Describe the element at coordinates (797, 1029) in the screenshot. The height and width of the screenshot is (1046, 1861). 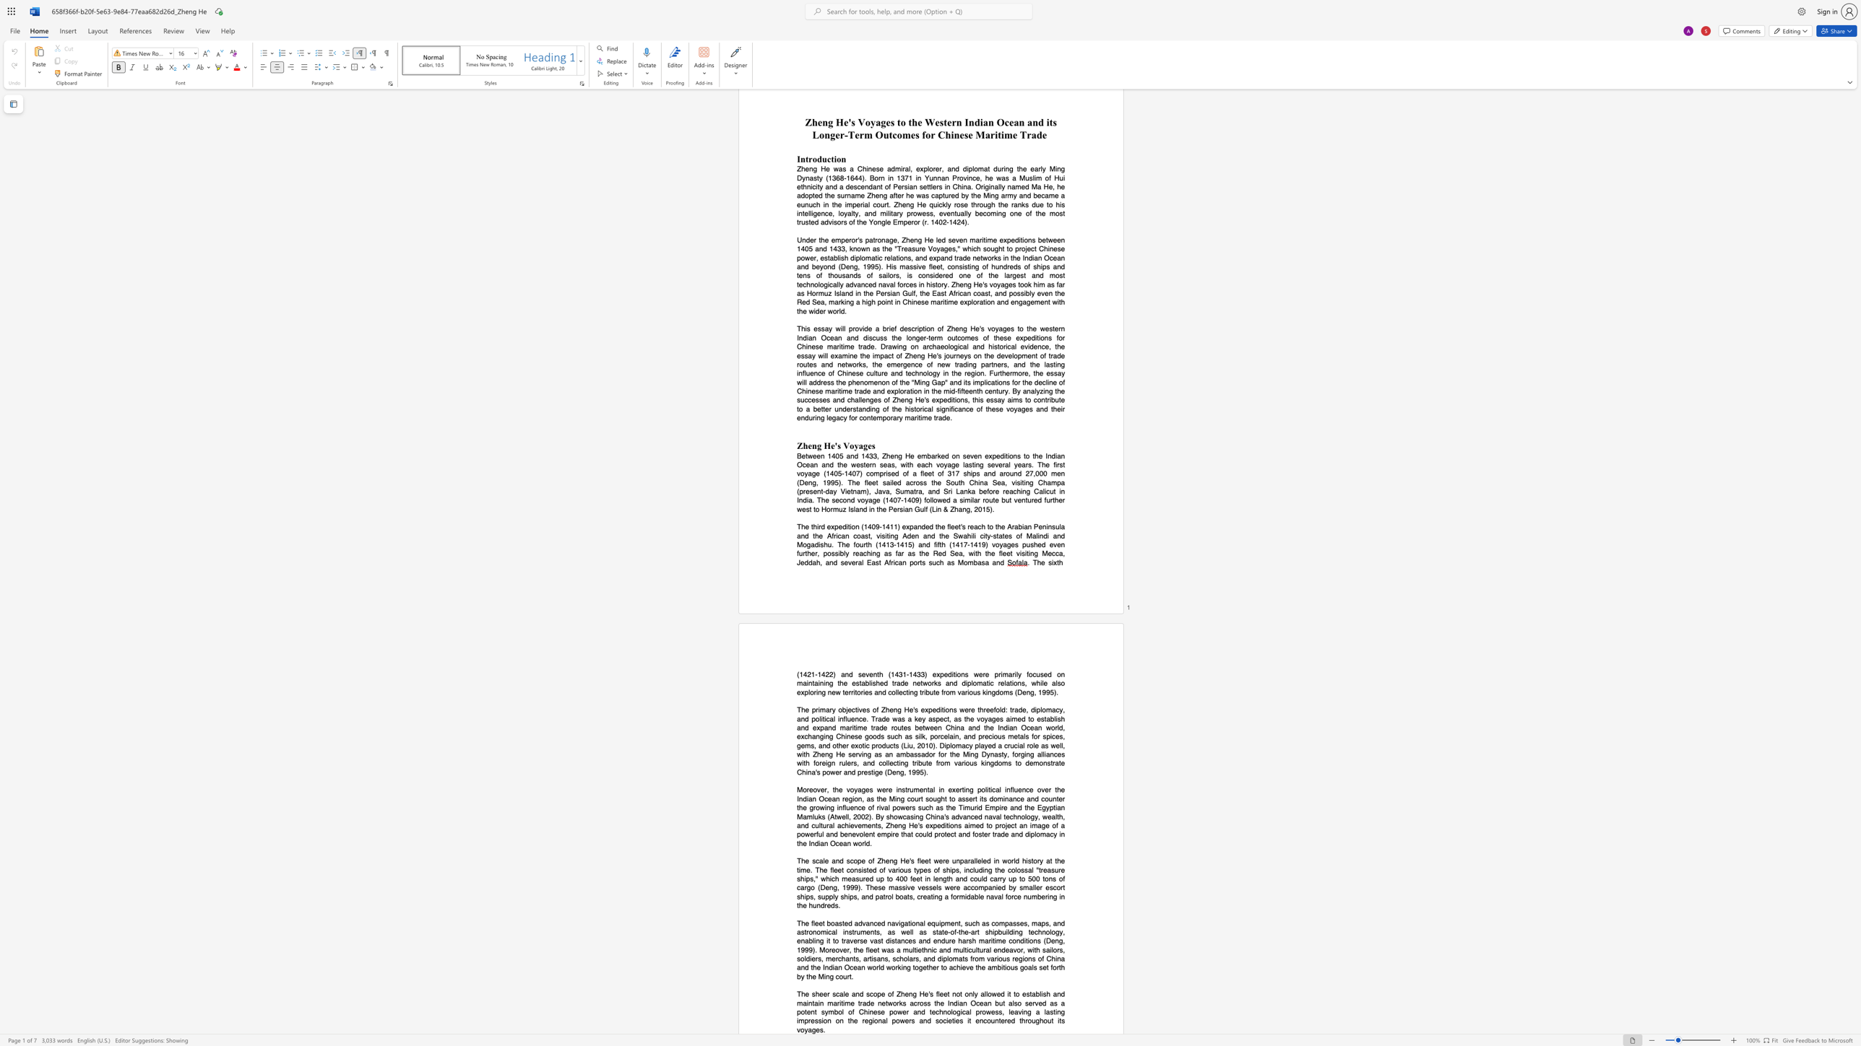
I see `the subset text "voya" within the text "throughout its voyages."` at that location.